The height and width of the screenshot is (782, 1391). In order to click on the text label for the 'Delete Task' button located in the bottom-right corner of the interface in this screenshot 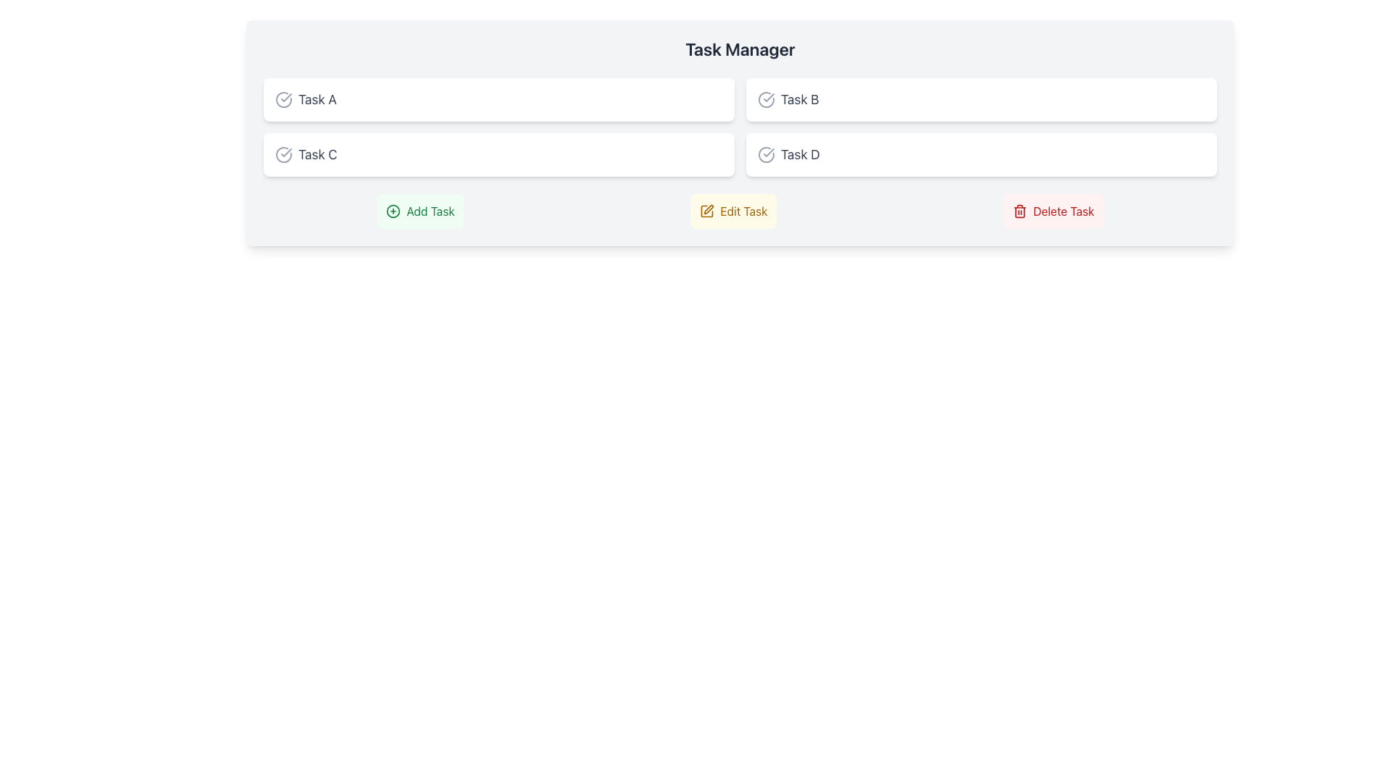, I will do `click(1064, 211)`.